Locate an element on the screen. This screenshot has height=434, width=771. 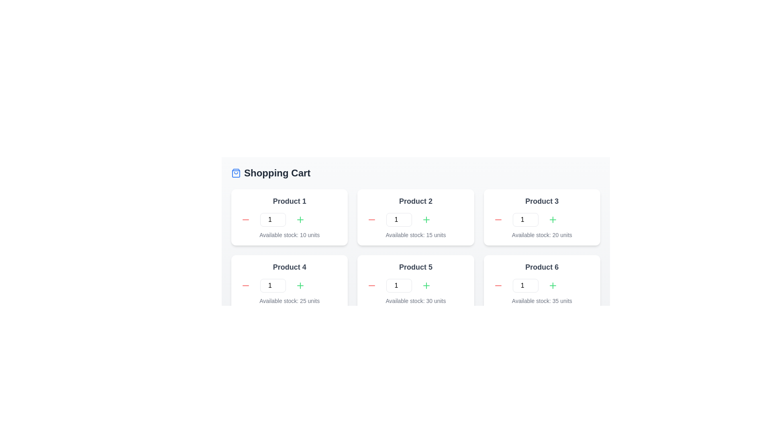
the red minus button located within the circular button to the left of the quantity input field for 'Product 4' in the shopping cart grid to reduce the quantity is located at coordinates (245, 285).